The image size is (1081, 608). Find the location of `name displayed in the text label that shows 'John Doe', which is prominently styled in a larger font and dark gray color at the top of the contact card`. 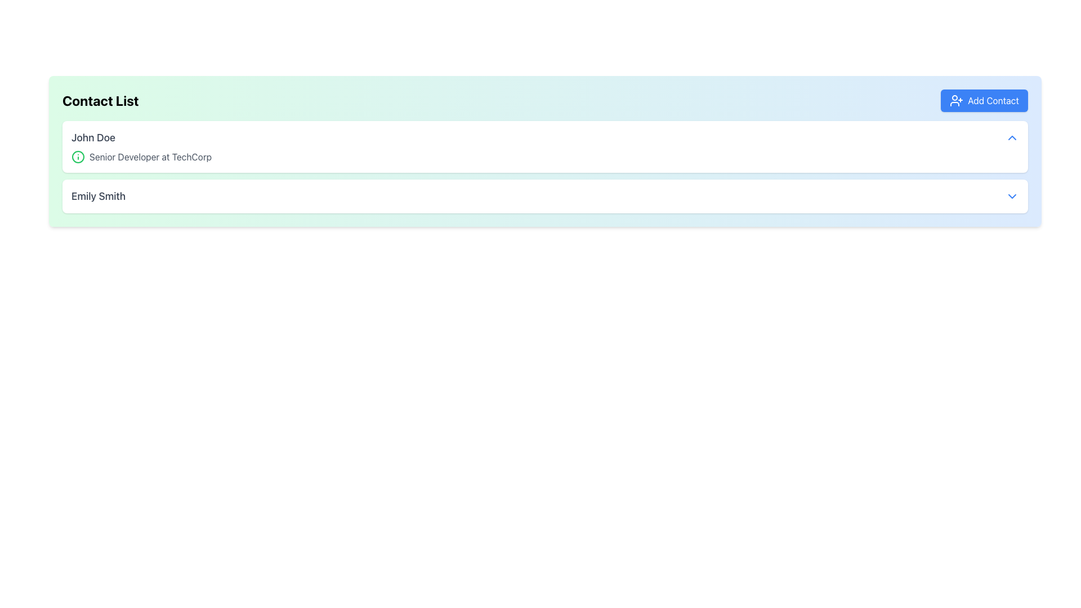

name displayed in the text label that shows 'John Doe', which is prominently styled in a larger font and dark gray color at the top of the contact card is located at coordinates (93, 137).